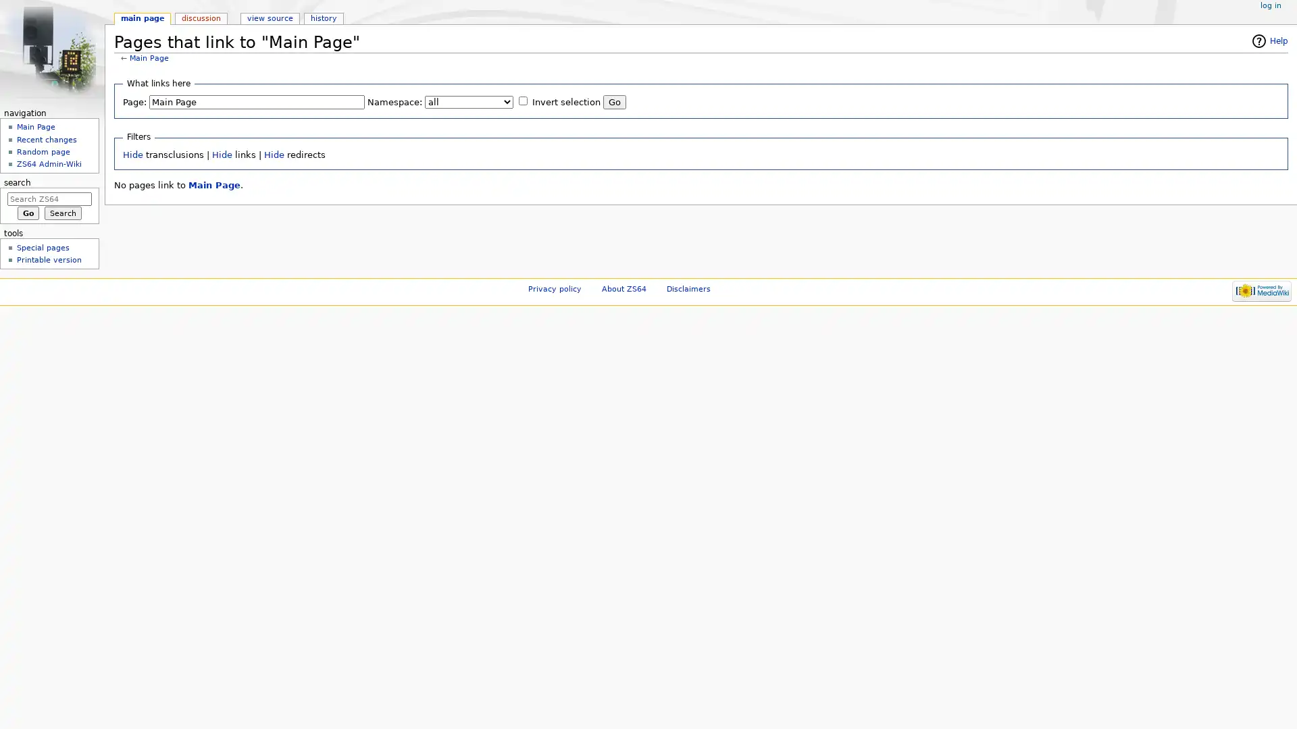 This screenshot has height=729, width=1297. What do you see at coordinates (614, 101) in the screenshot?
I see `Go` at bounding box center [614, 101].